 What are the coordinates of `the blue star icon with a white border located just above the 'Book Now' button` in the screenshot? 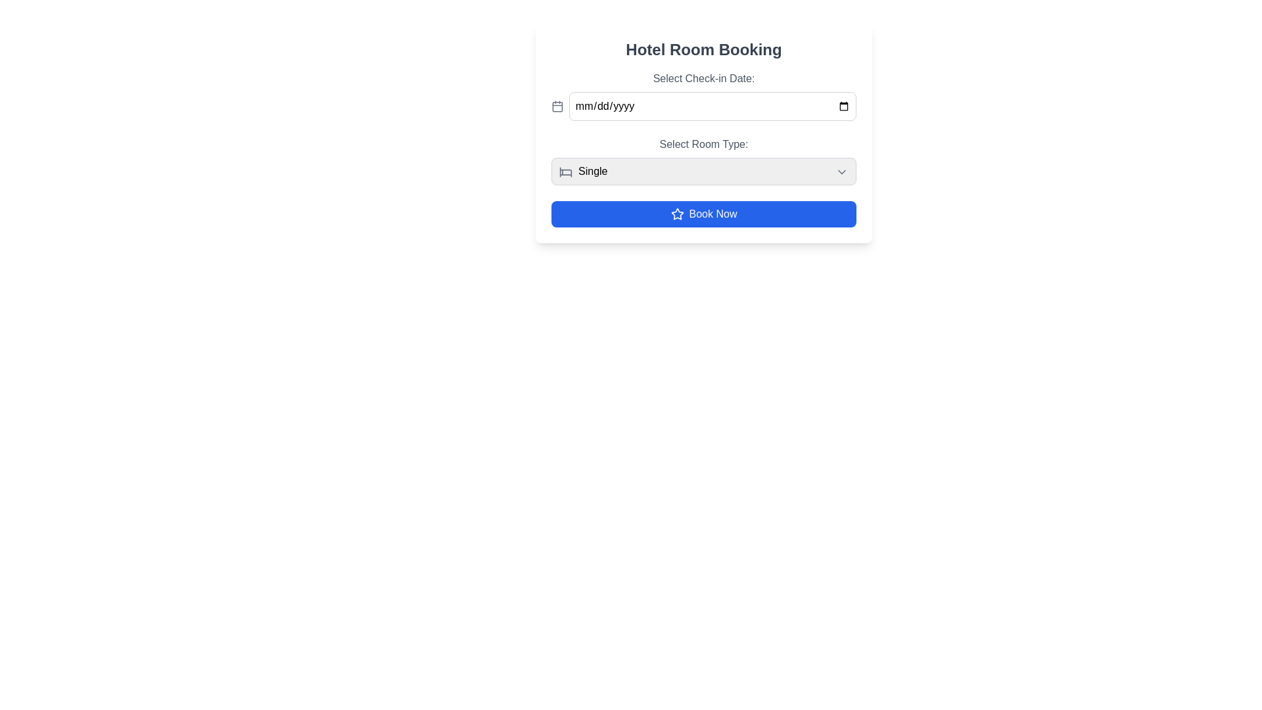 It's located at (677, 213).